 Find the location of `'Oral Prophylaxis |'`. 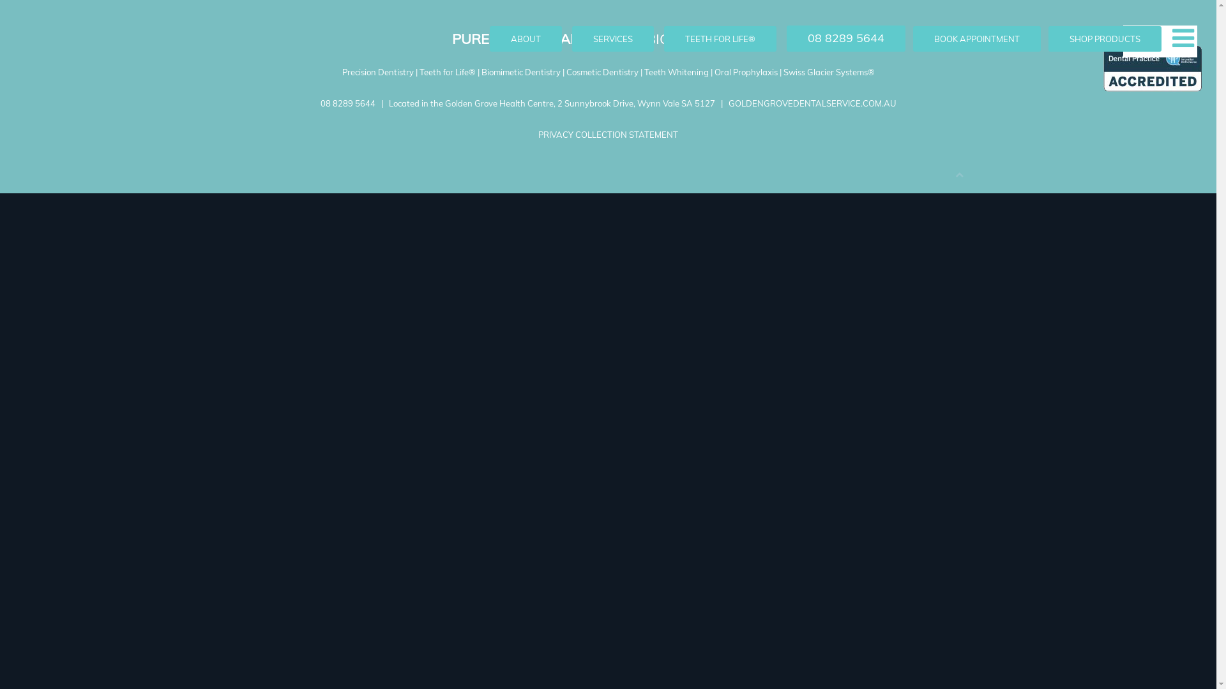

'Oral Prophylaxis |' is located at coordinates (748, 71).